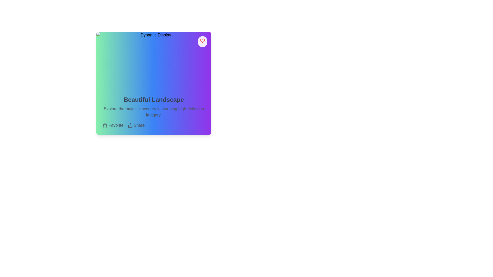 This screenshot has width=493, height=277. What do you see at coordinates (130, 125) in the screenshot?
I see `the share icon button, which is represented by an up-arrow emerging from a square, located to the left of the text 'Share' in the bottom right of the card layout, to initiate a share action` at bounding box center [130, 125].